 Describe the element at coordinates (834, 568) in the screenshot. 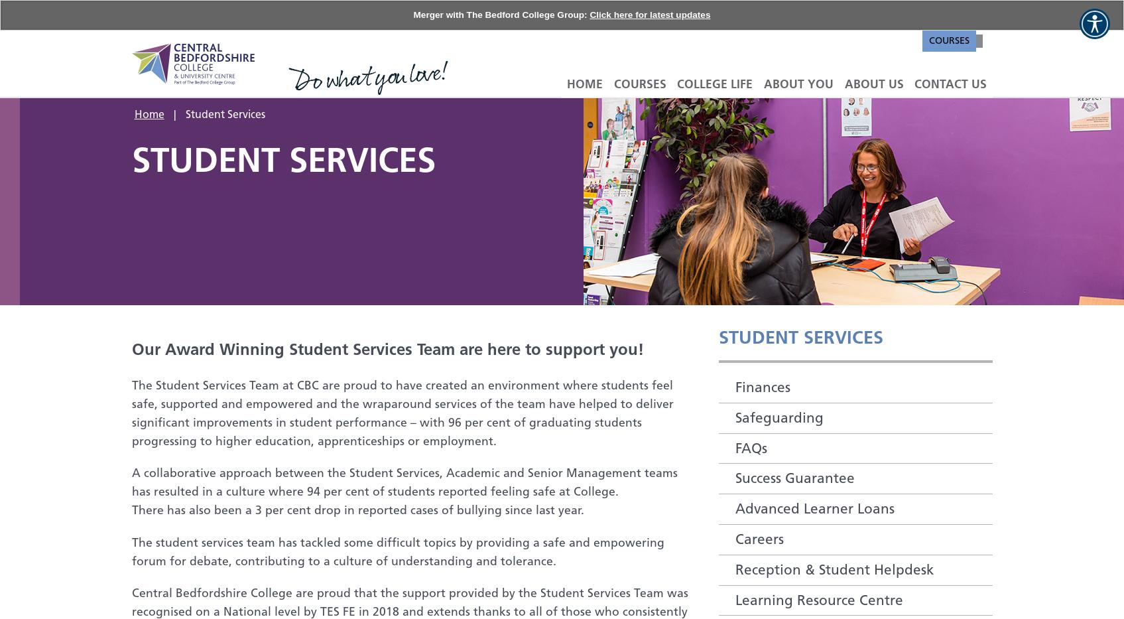

I see `'Reception & Student Helpdesk'` at that location.